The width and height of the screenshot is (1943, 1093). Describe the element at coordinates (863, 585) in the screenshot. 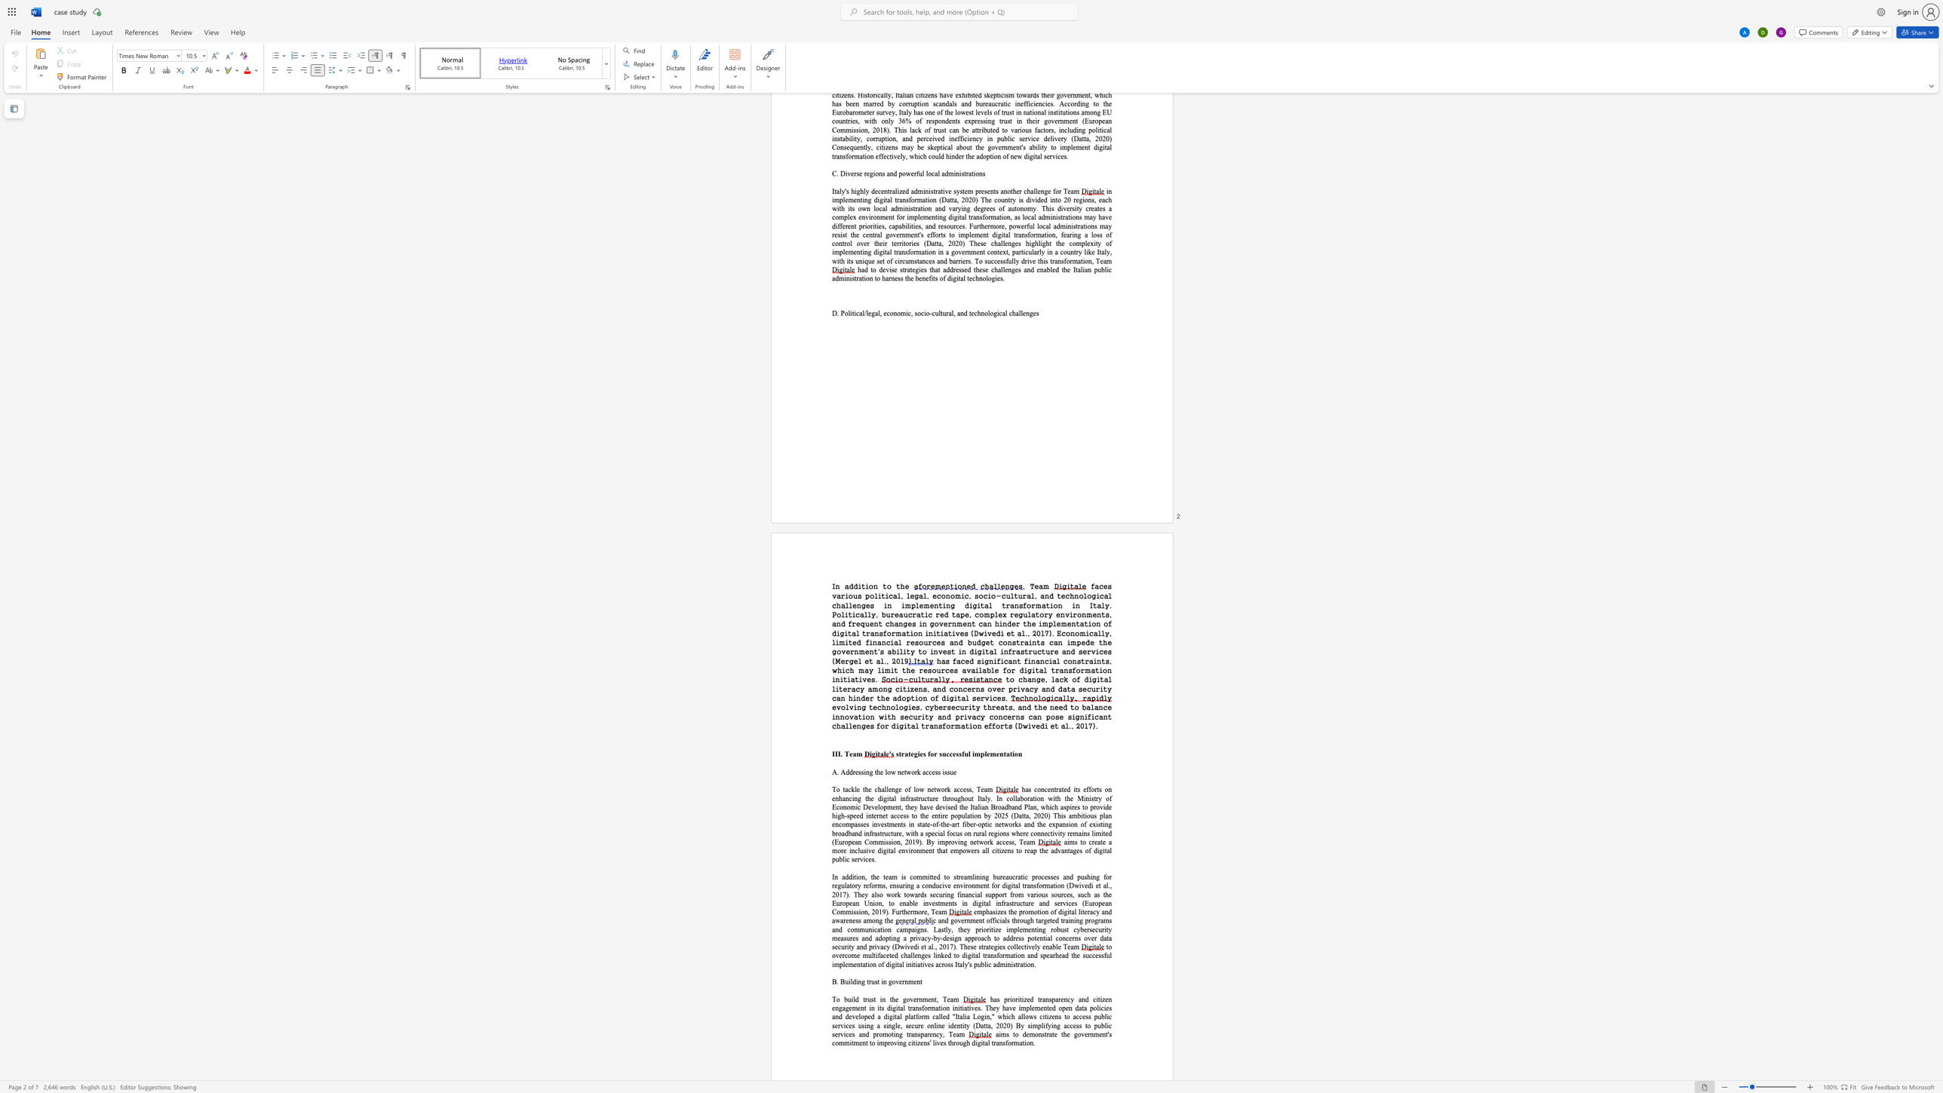

I see `the 1th character "t" in the text` at that location.